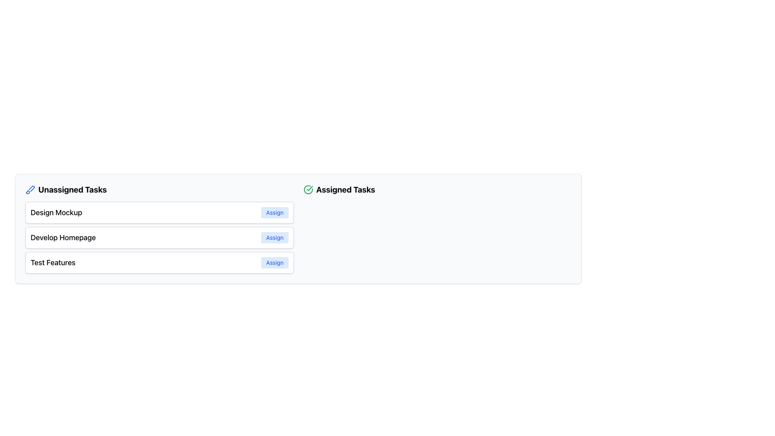  What do you see at coordinates (159, 237) in the screenshot?
I see `the 'Develop Homepage' task item located in the 'Unassigned Tasks' list` at bounding box center [159, 237].